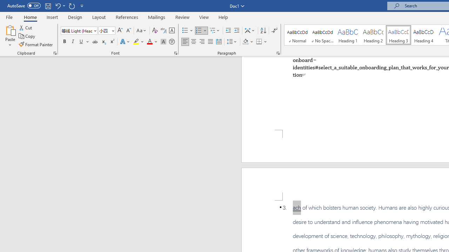 The height and width of the screenshot is (252, 449). What do you see at coordinates (398, 35) in the screenshot?
I see `'Heading 3'` at bounding box center [398, 35].